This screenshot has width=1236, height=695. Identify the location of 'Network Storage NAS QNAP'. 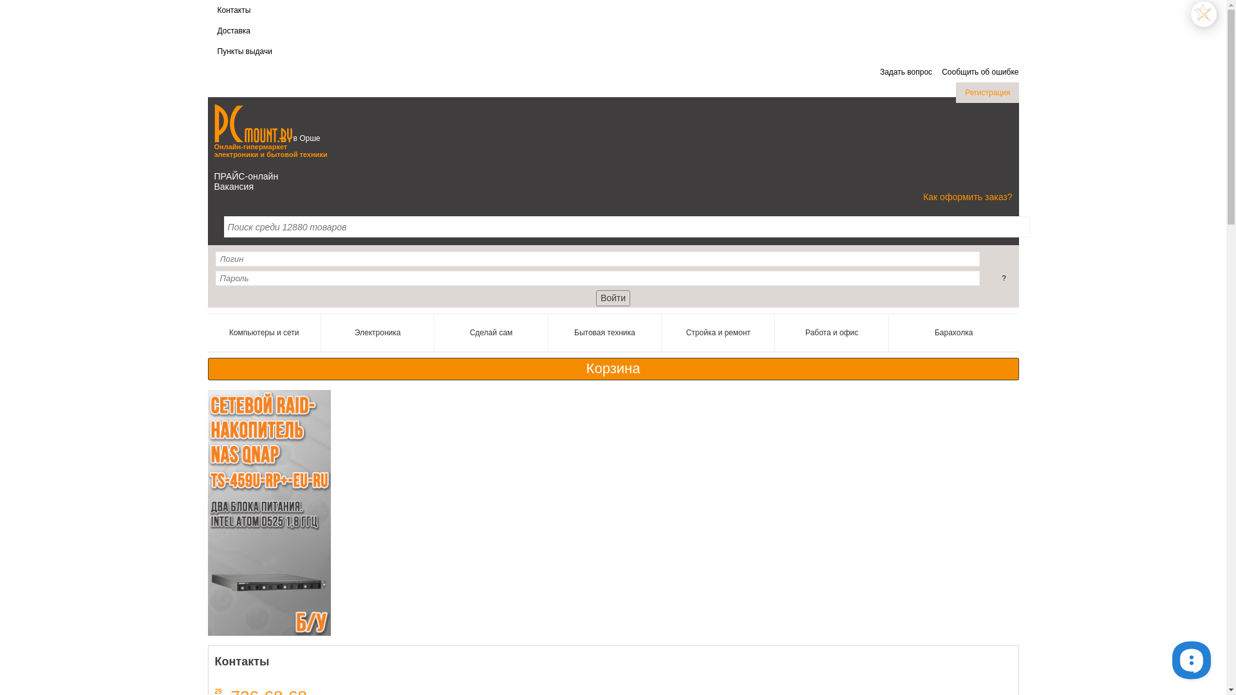
(268, 512).